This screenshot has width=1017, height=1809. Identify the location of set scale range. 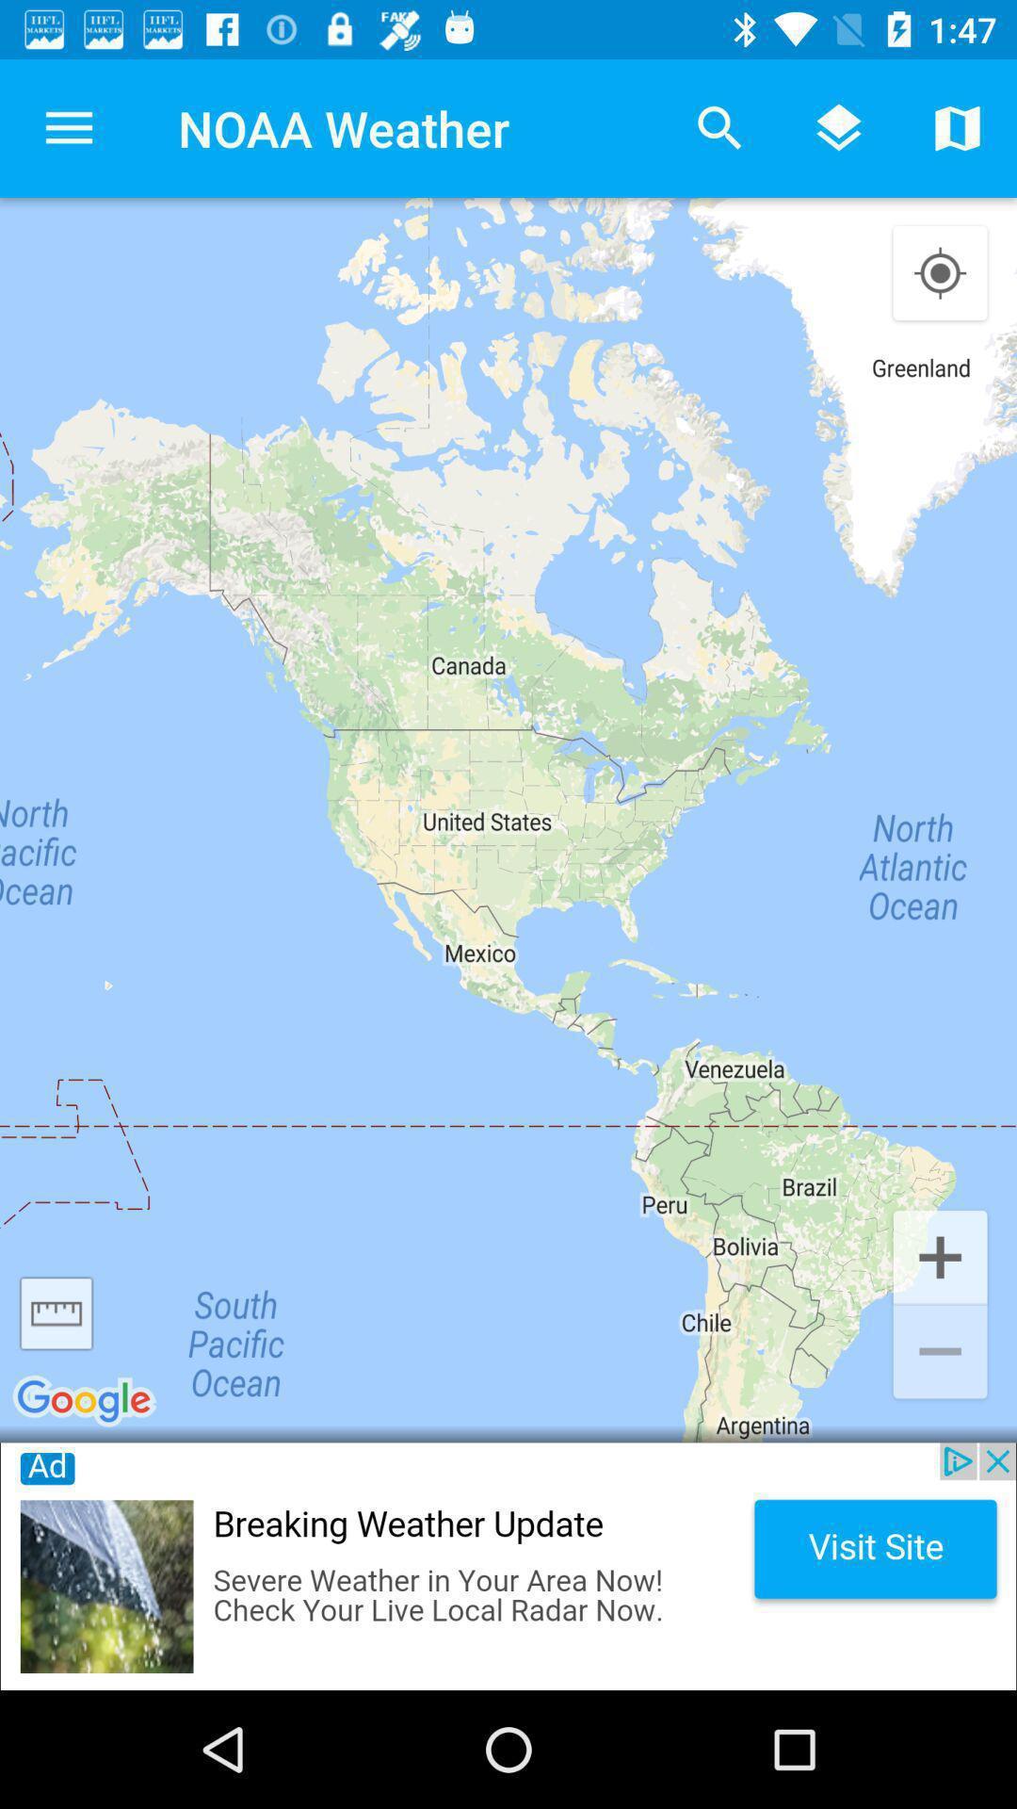
(56, 1312).